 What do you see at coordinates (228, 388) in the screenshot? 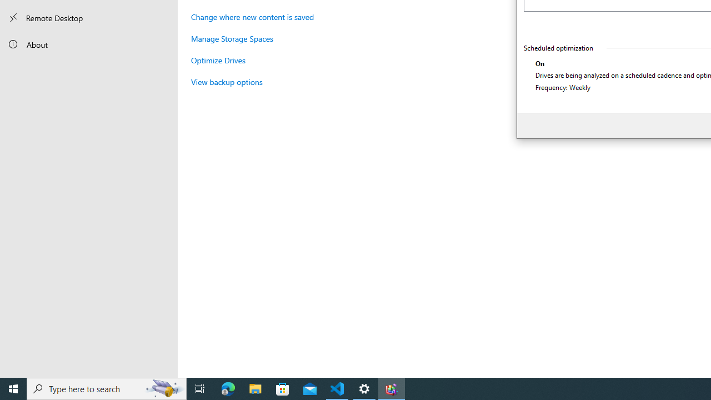
I see `'Microsoft Edge'` at bounding box center [228, 388].